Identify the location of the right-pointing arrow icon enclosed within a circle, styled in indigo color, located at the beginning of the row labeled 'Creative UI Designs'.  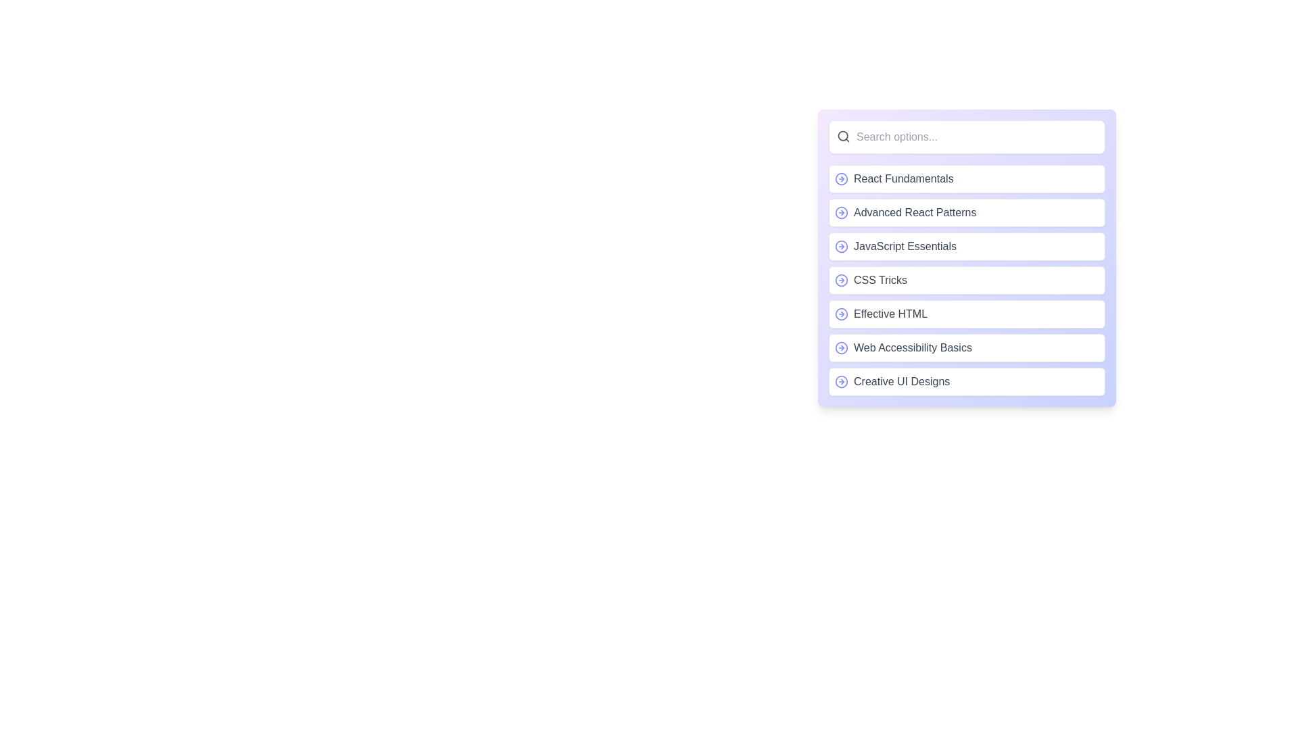
(840, 381).